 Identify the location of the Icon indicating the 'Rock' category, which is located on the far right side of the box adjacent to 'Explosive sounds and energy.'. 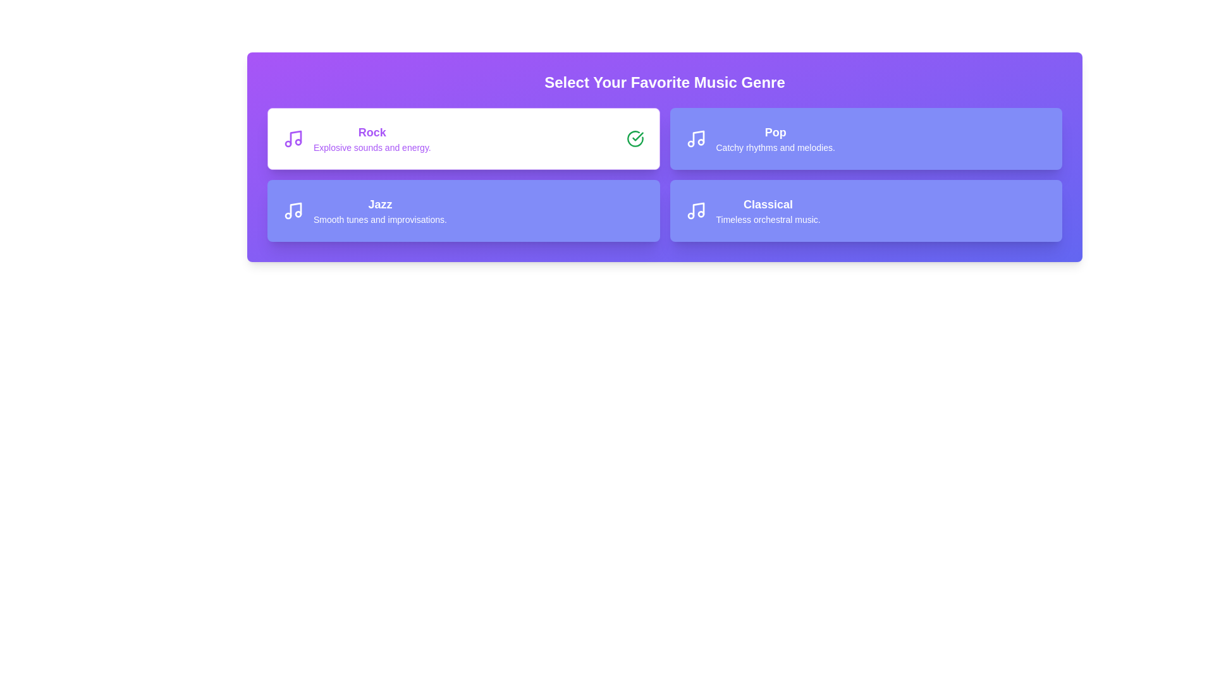
(635, 138).